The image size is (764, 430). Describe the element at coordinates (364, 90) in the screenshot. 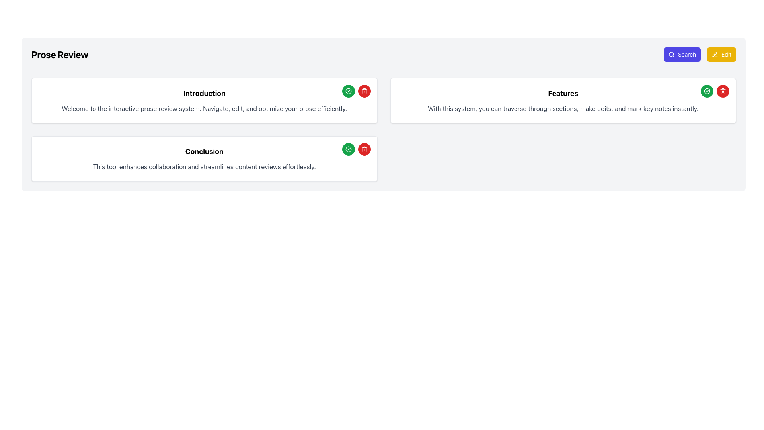

I see `the rightmost circular deletion button located at the top-right corner of the interface, which triggers a removal action` at that location.